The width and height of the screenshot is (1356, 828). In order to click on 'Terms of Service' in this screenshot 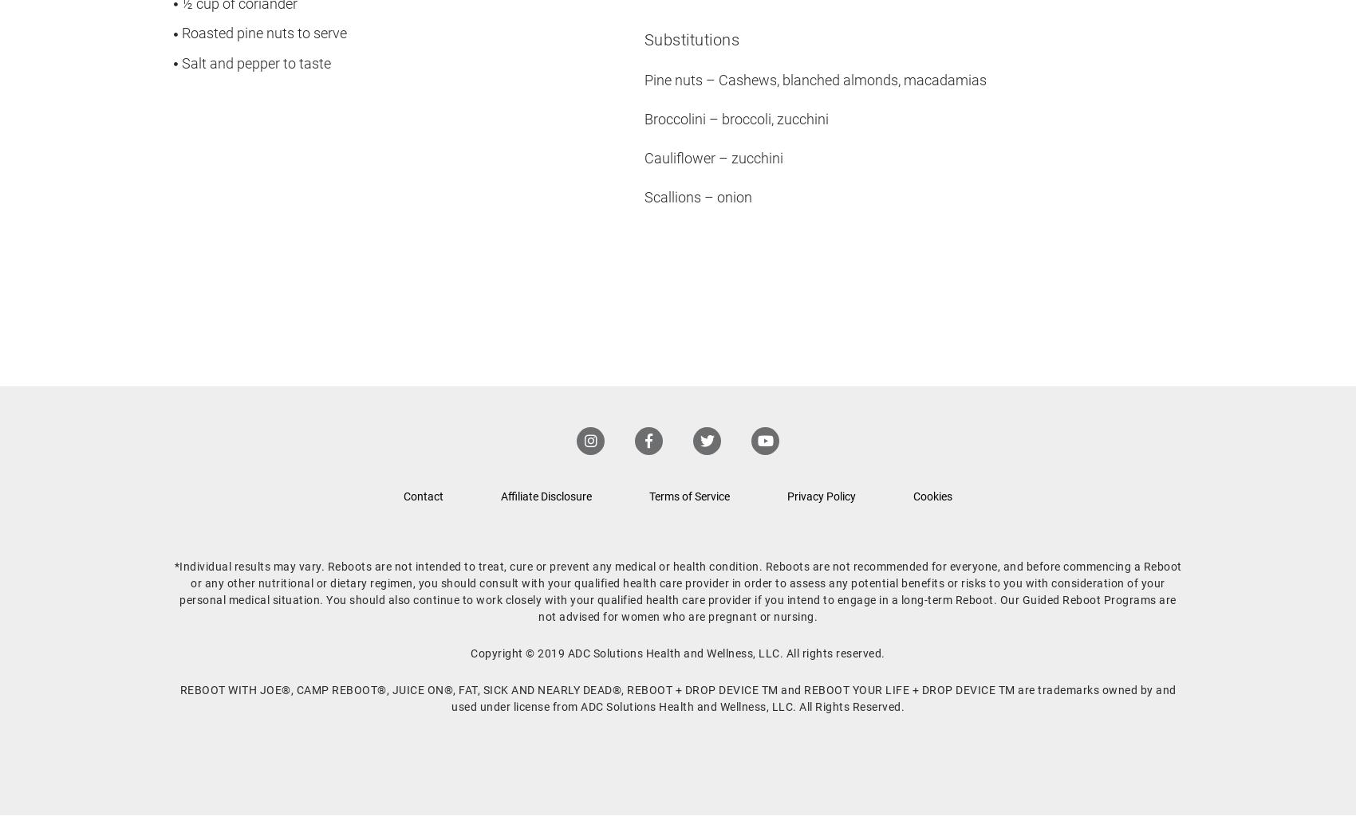, I will do `click(689, 496)`.